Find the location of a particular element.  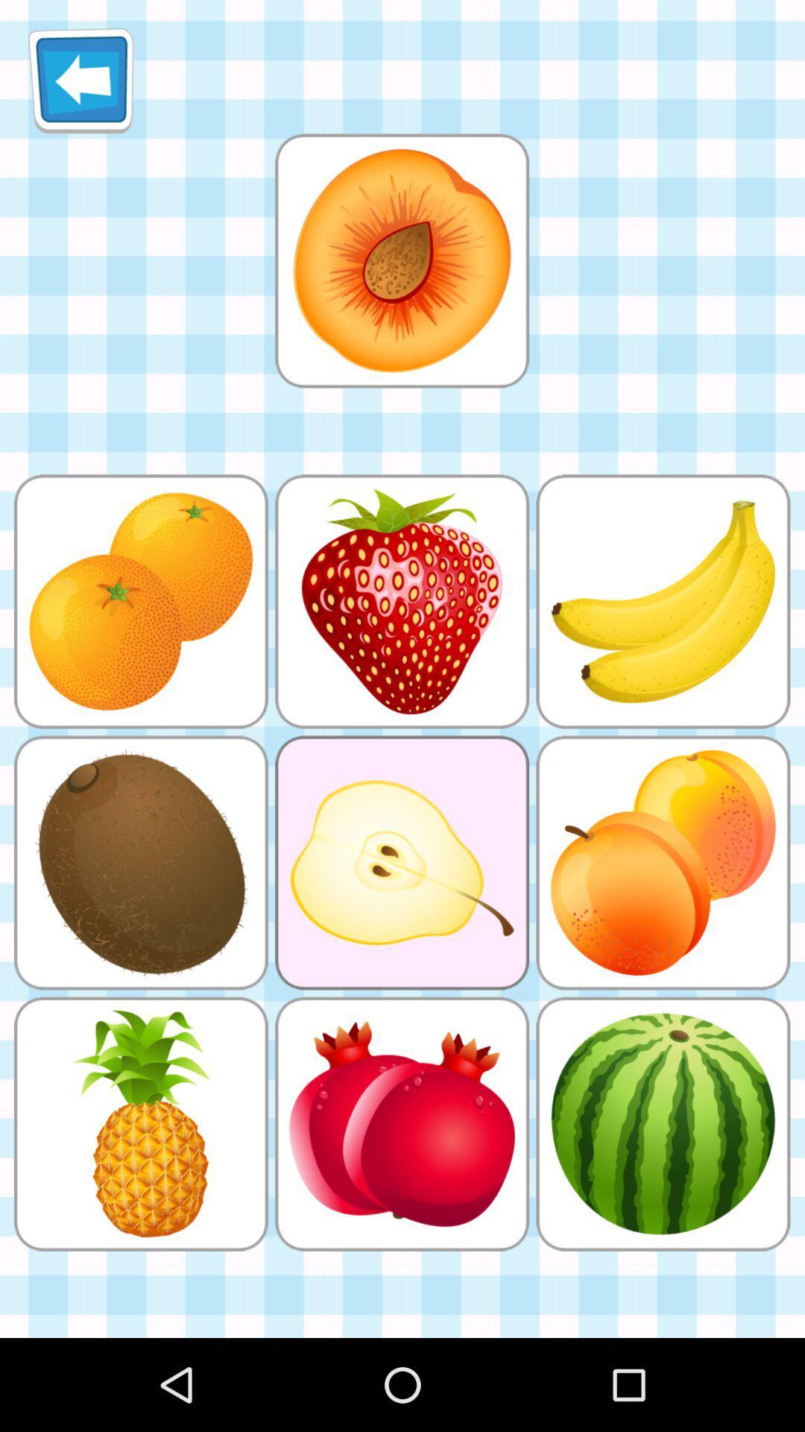

large is located at coordinates (401, 260).